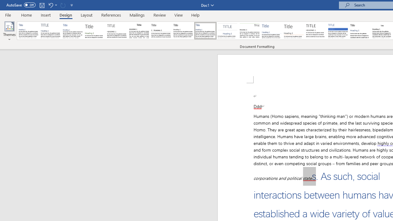 The height and width of the screenshot is (221, 393). I want to click on 'Lines (Simple)', so click(271, 31).